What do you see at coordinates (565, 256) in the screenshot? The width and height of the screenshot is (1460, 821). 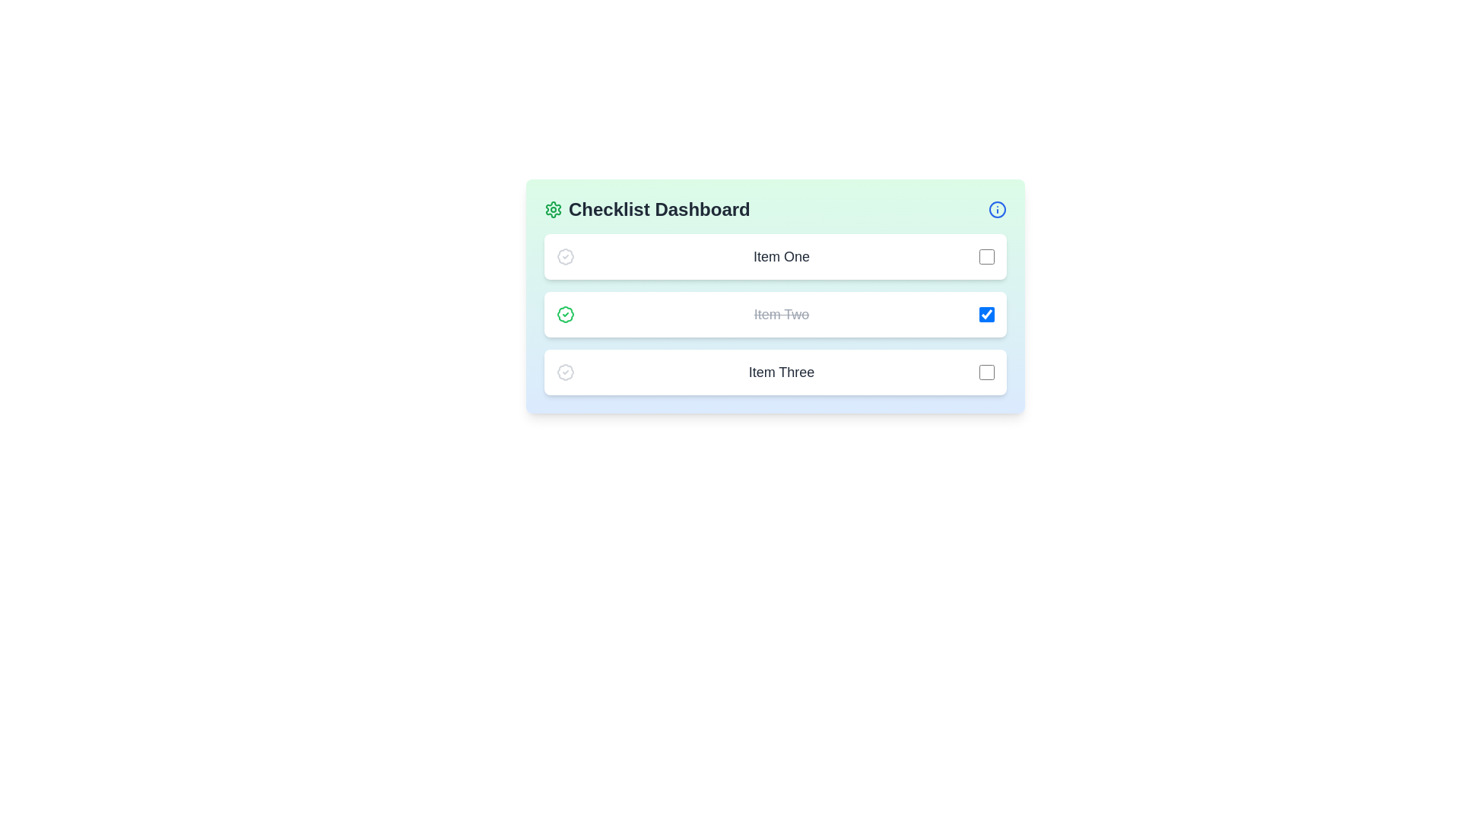 I see `the graphical icon or status badge located to the left of the 'Item One' row to associate its meaning with that row` at bounding box center [565, 256].